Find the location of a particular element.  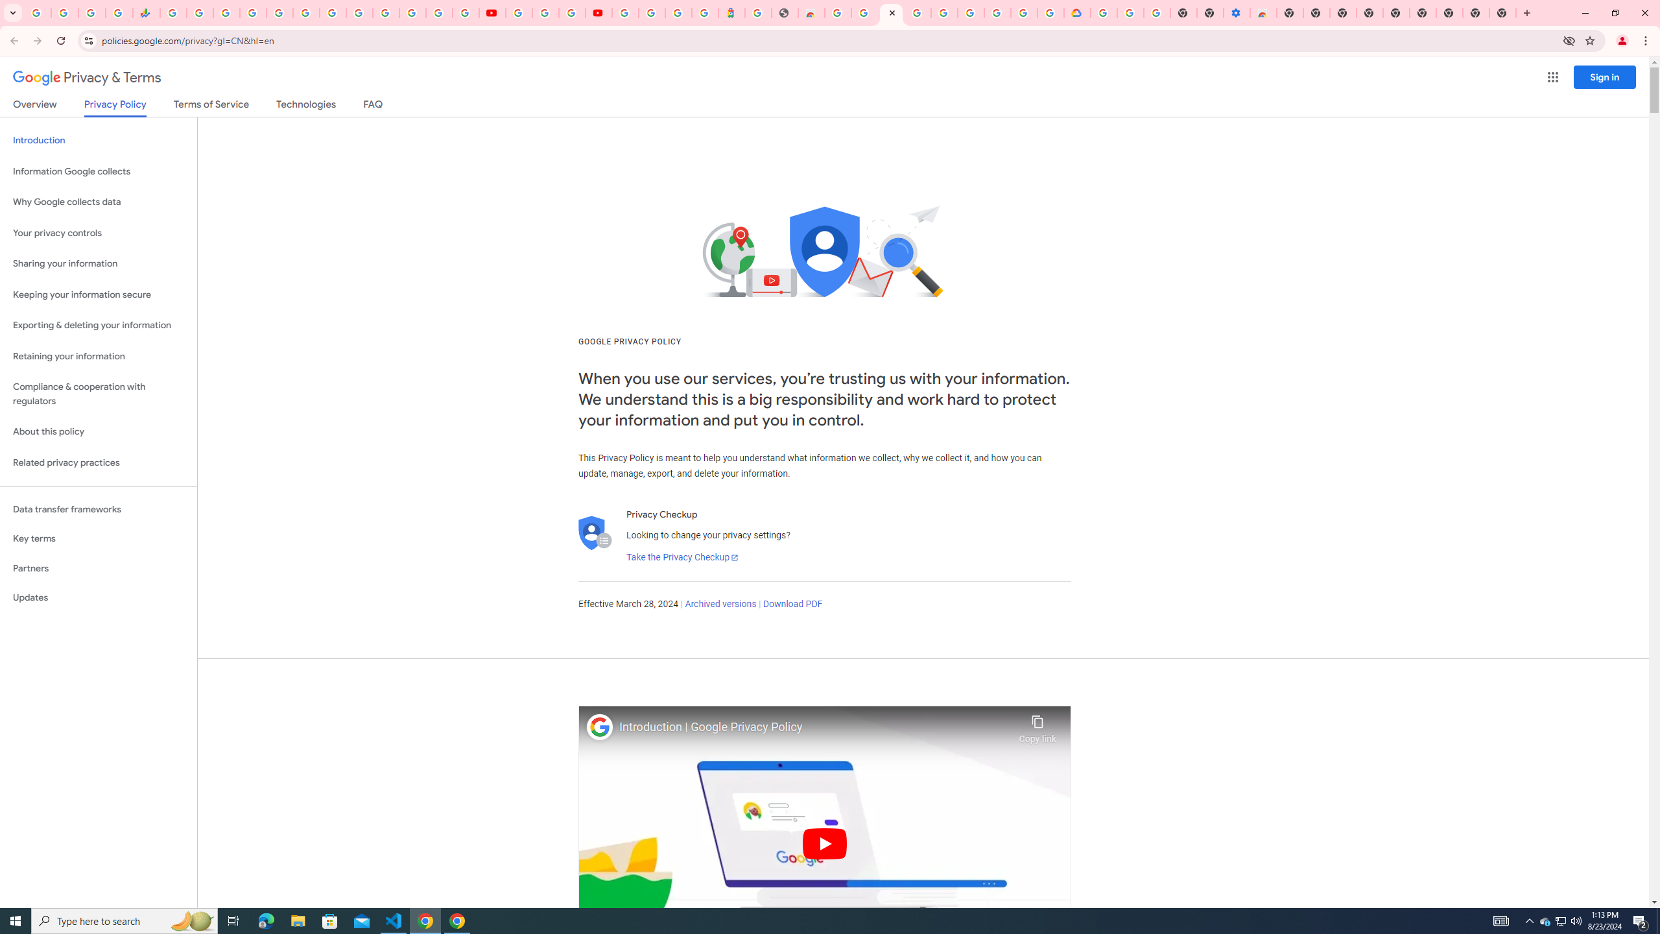

'New Tab' is located at coordinates (1449, 12).